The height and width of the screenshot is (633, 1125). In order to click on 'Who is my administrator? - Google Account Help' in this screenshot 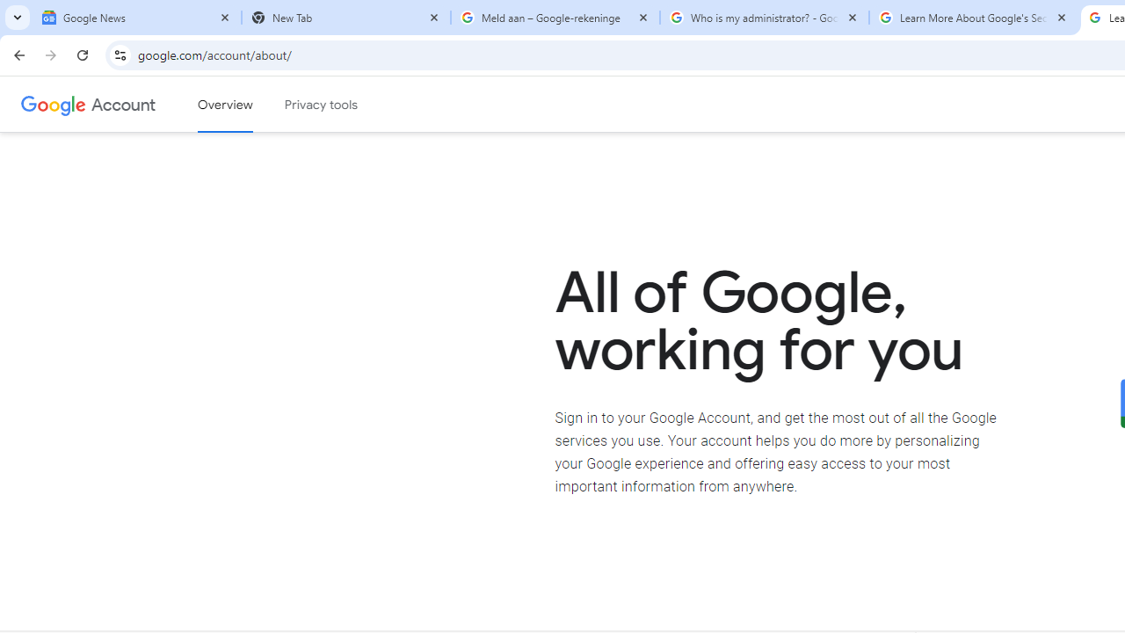, I will do `click(765, 18)`.